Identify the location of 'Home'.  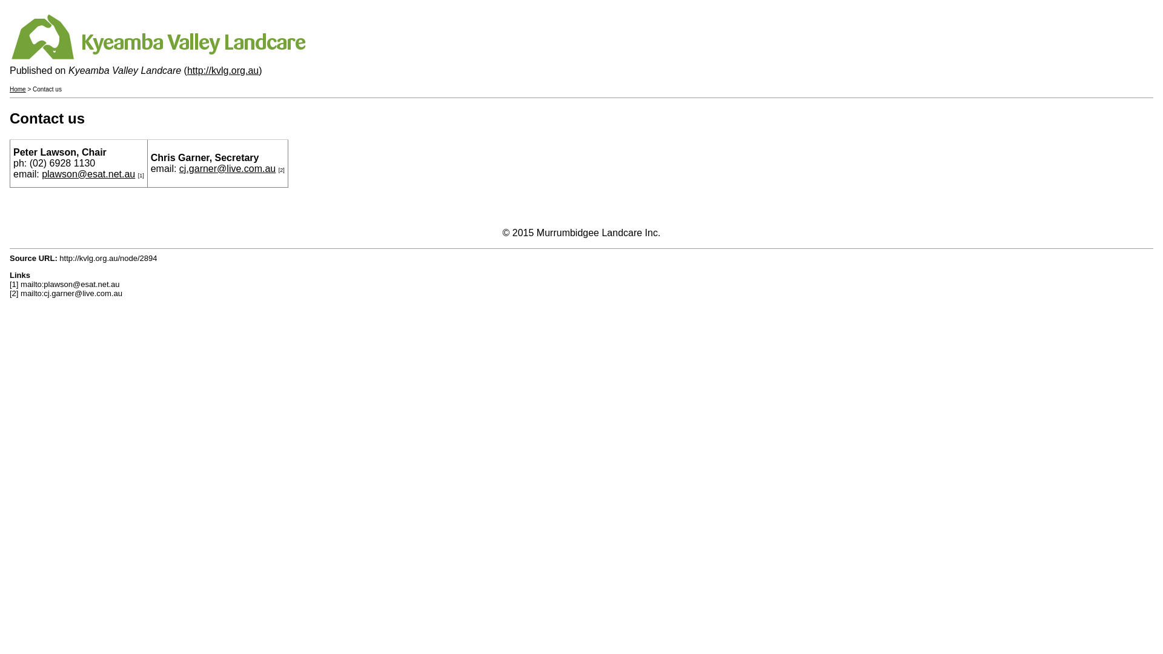
(18, 88).